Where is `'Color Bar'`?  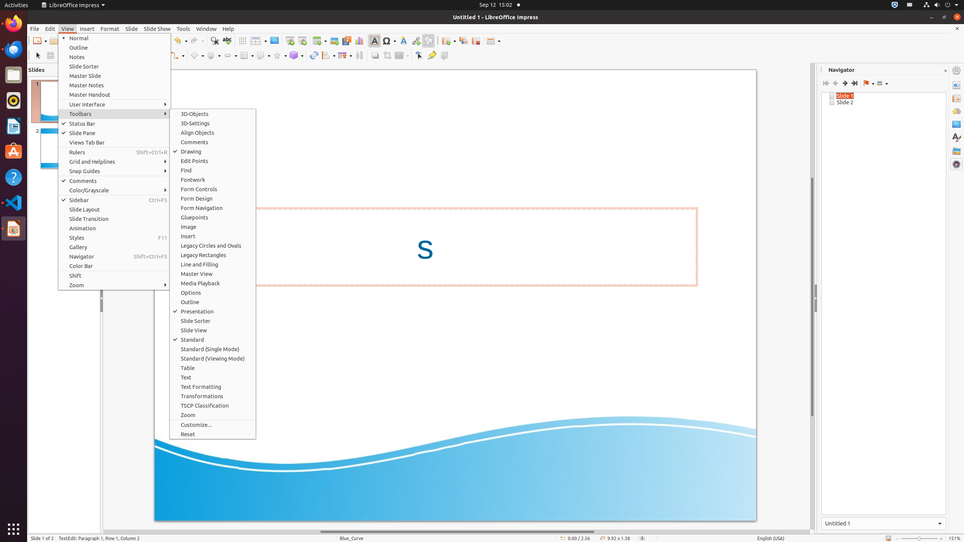
'Color Bar' is located at coordinates (114, 265).